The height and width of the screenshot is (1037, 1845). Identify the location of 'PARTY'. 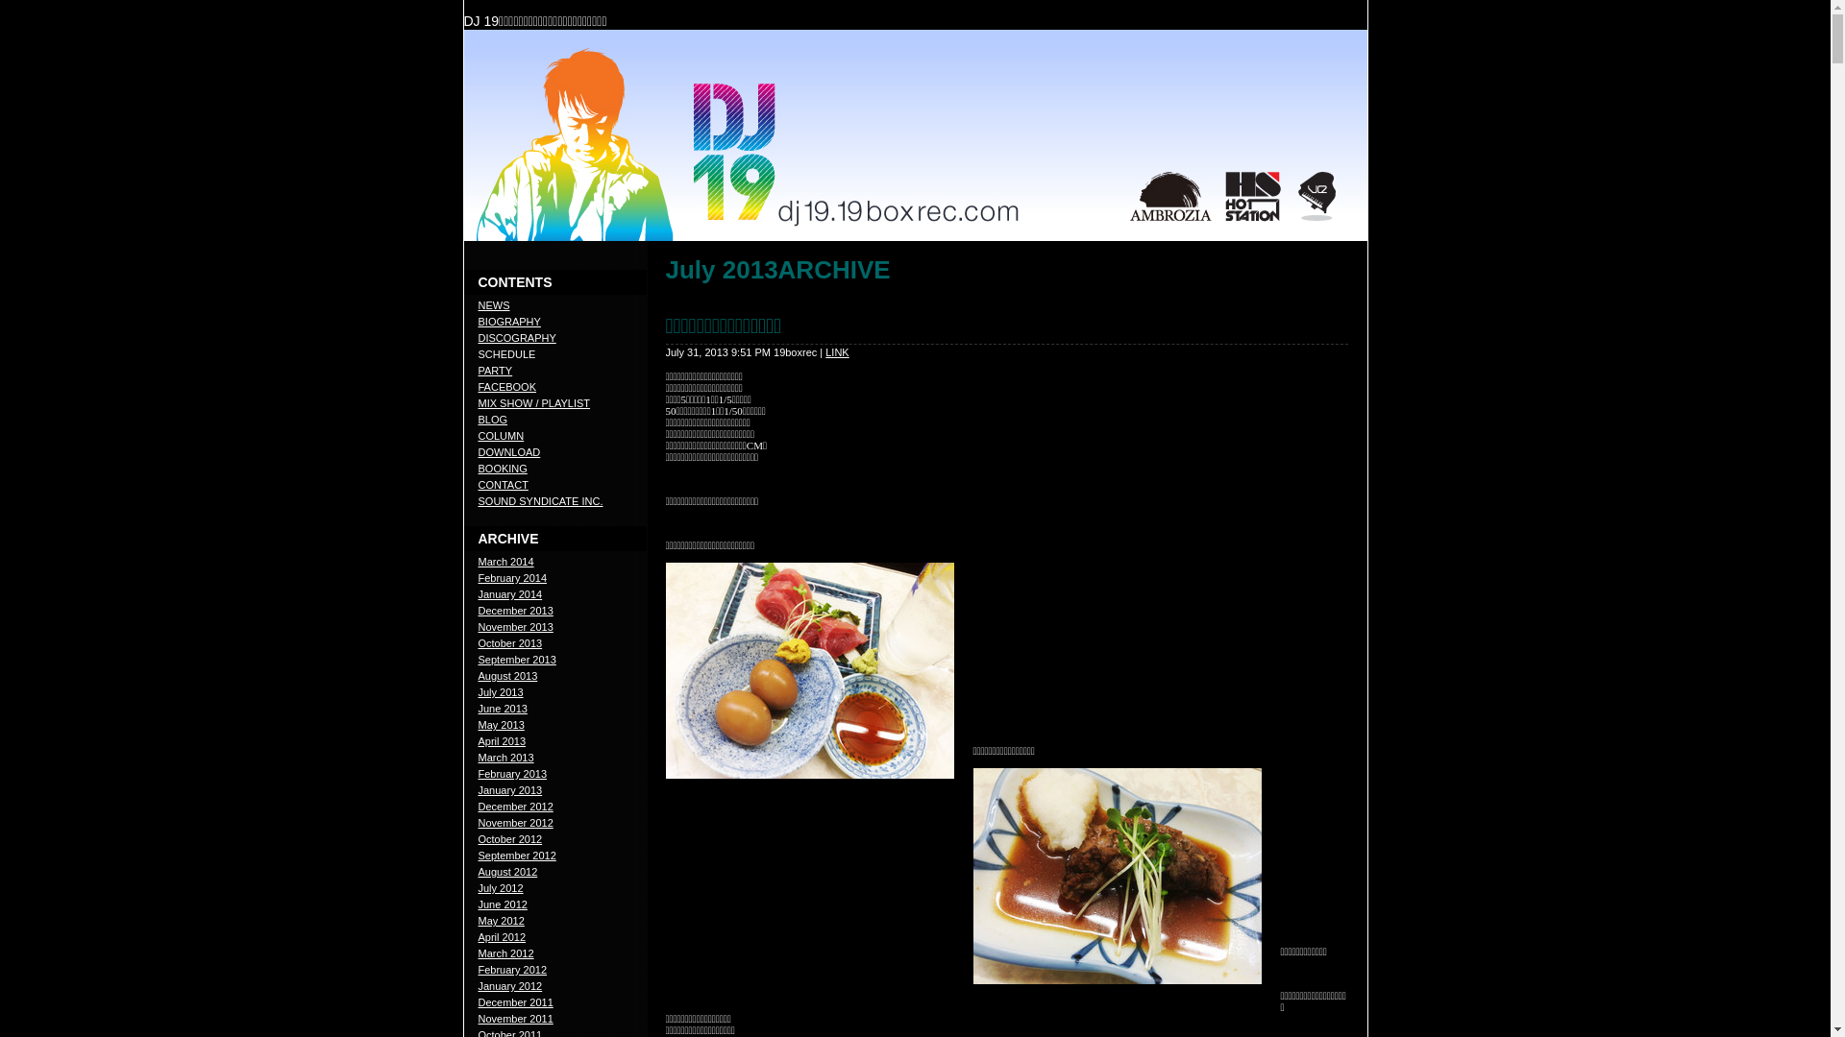
(496, 370).